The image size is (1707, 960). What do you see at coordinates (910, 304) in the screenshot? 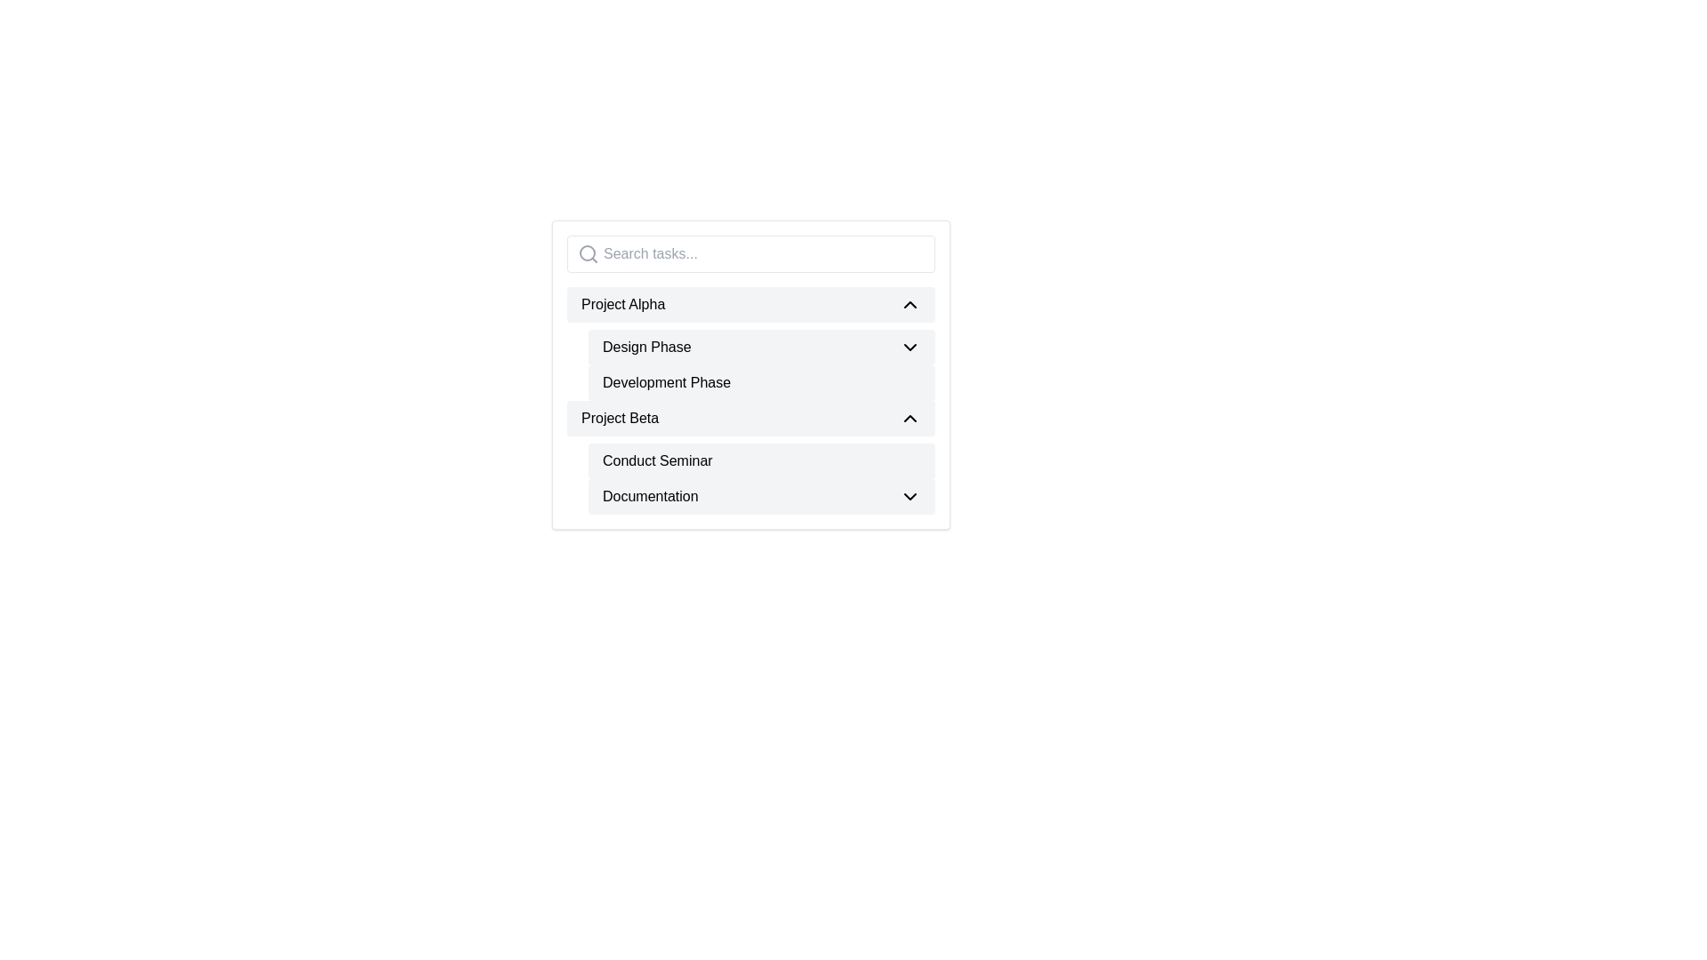
I see `the upward-pointing chevron icon located to the right of the text 'Project Alpha' in the vertical list layout` at bounding box center [910, 304].